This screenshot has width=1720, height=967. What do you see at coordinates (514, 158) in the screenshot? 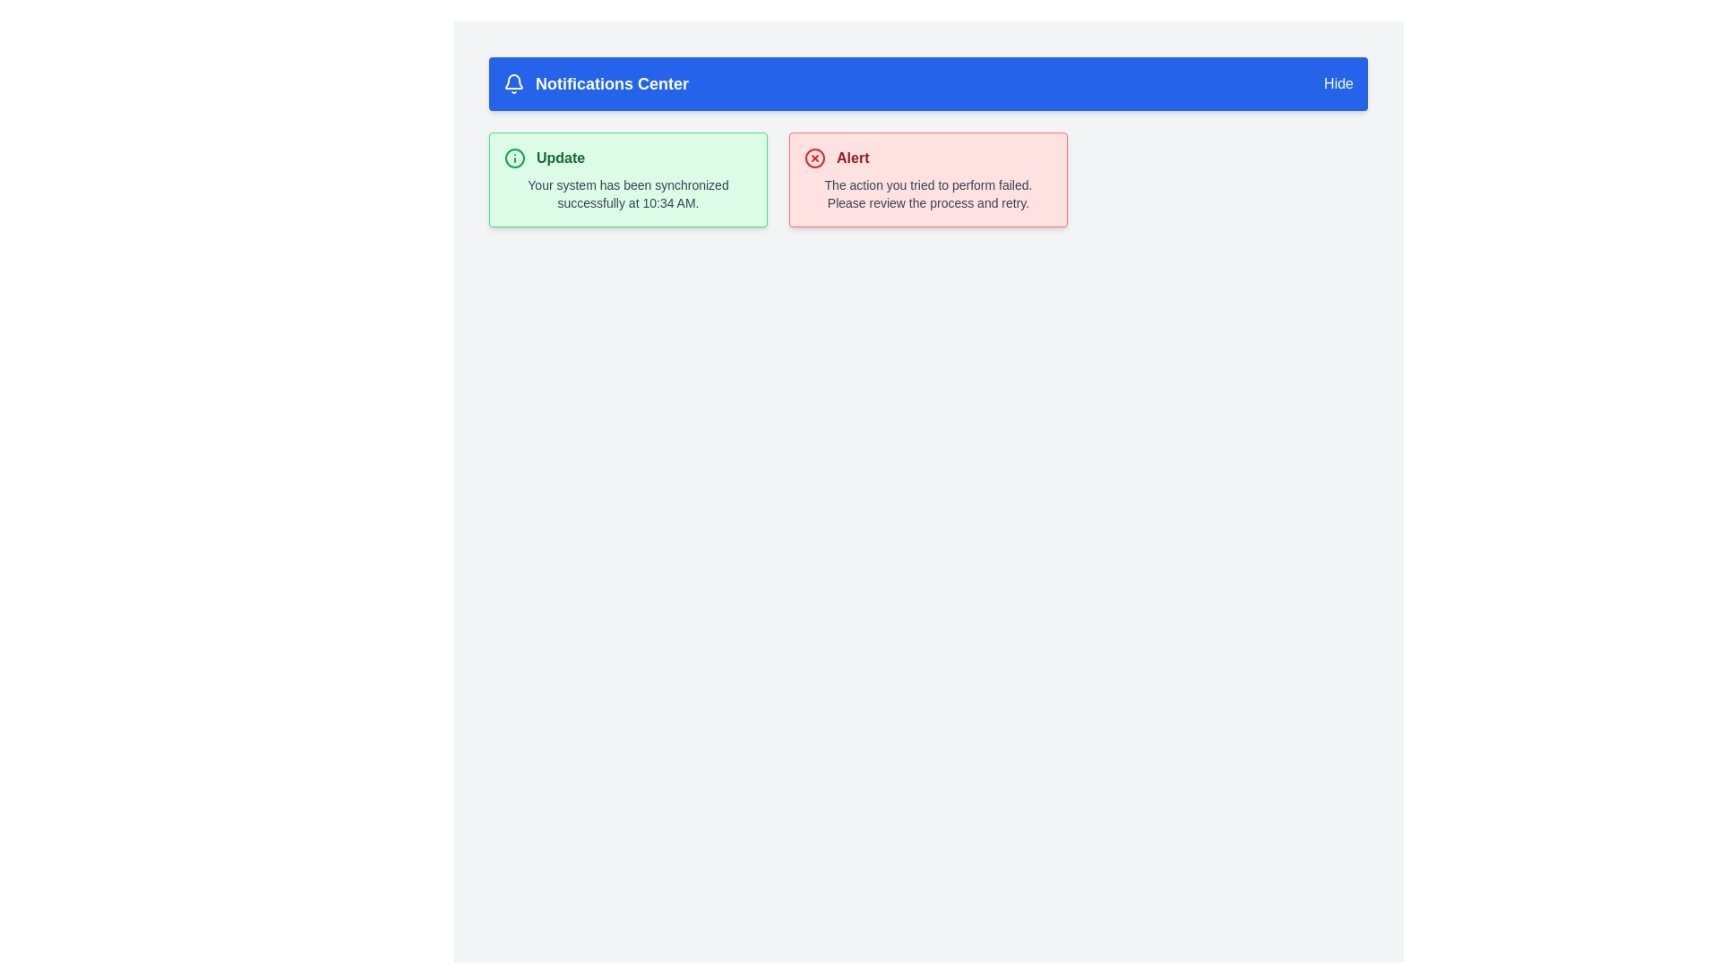
I see `the circular shape within the notification icon for the 'Update' message, which is located in the top-left corner of the green notification entry` at bounding box center [514, 158].